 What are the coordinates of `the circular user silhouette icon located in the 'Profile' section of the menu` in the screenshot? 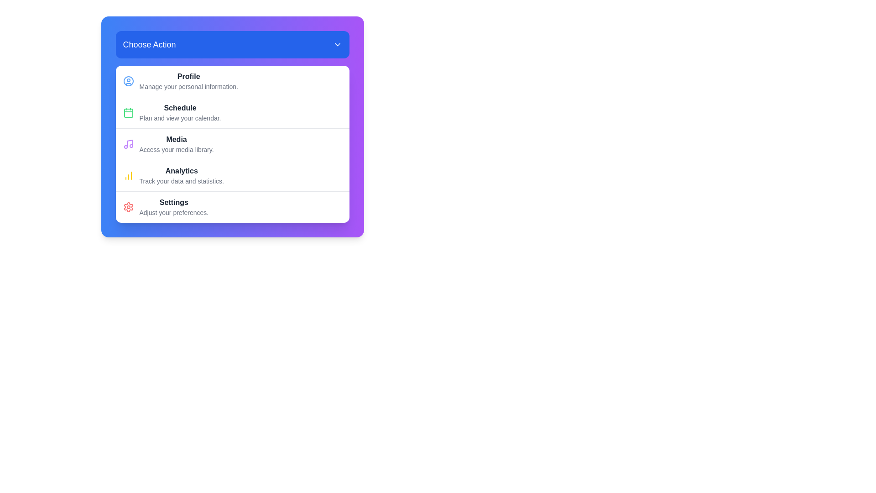 It's located at (128, 80).